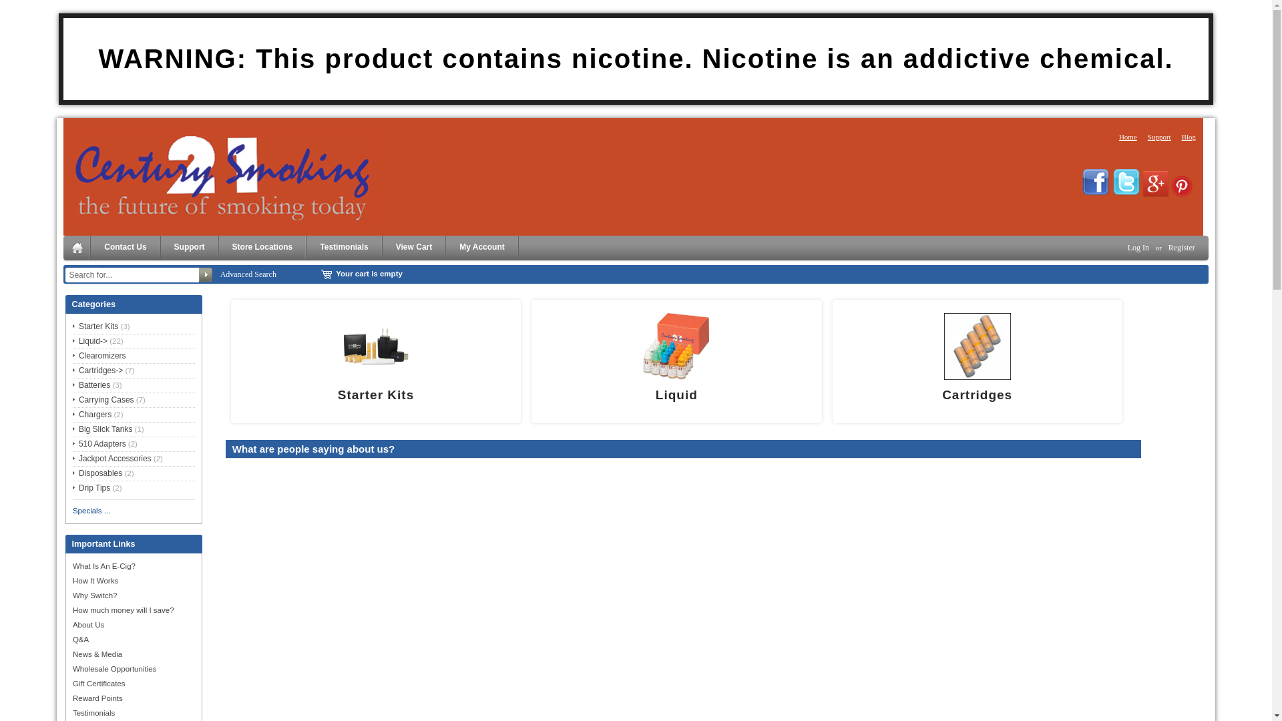 Image resolution: width=1282 pixels, height=721 pixels. What do you see at coordinates (343, 346) in the screenshot?
I see `' Starter Kits '` at bounding box center [343, 346].